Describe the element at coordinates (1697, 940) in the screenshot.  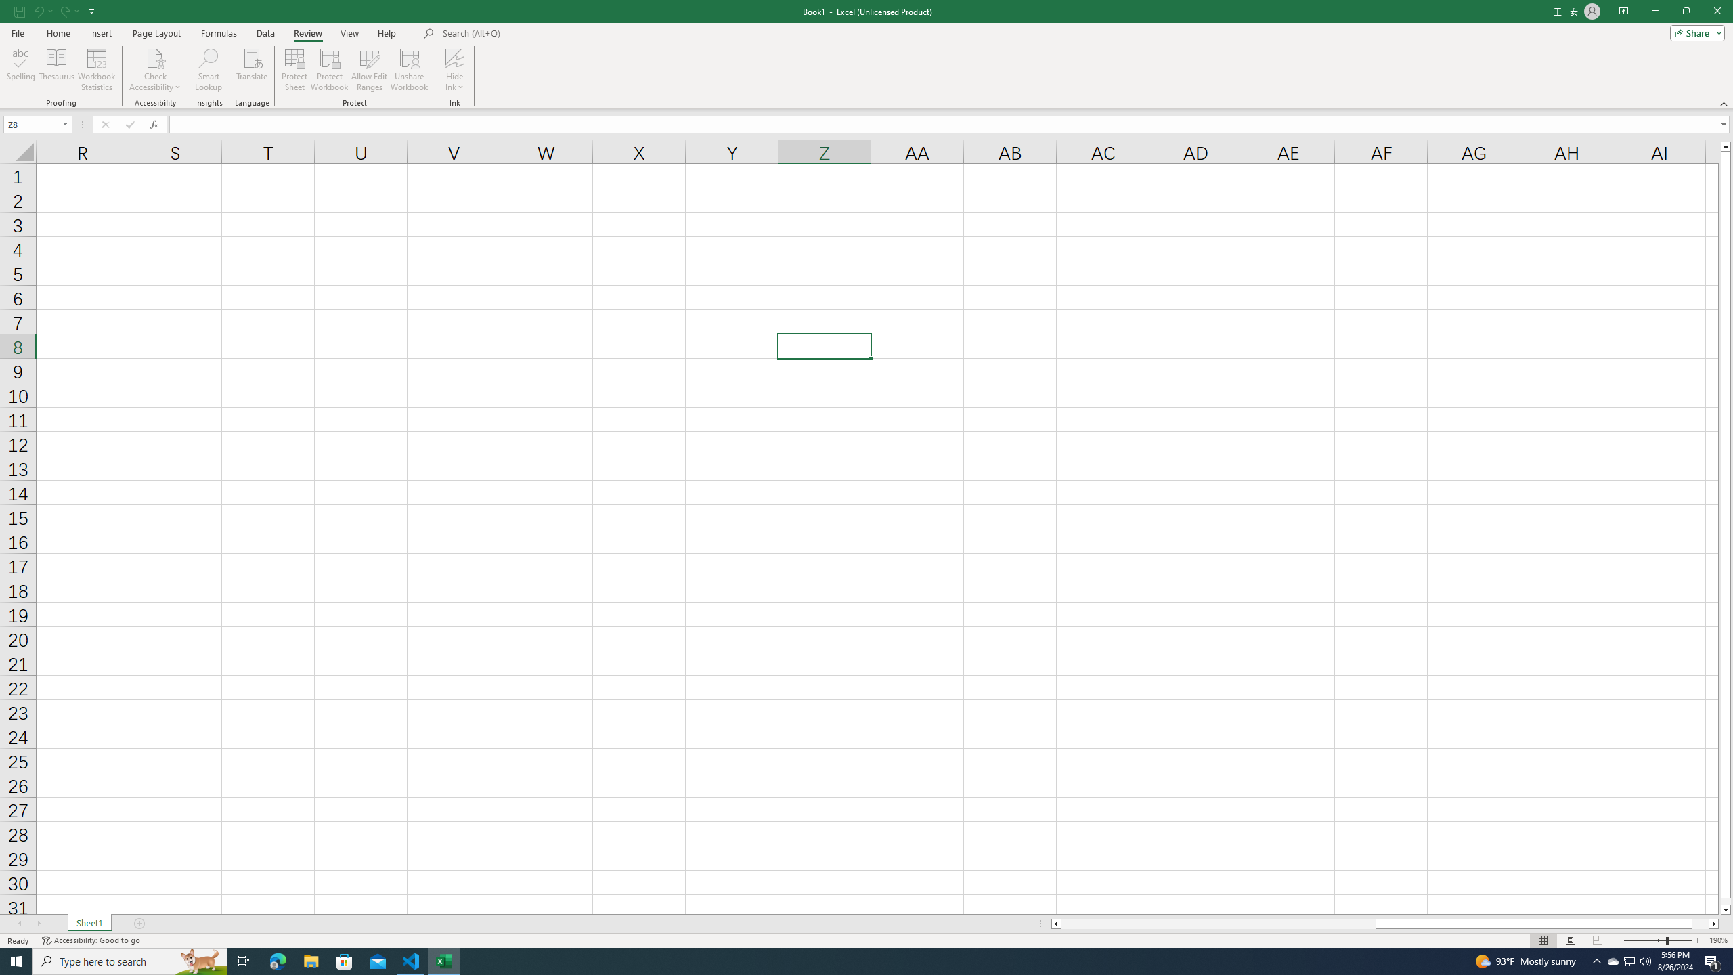
I see `'Zoom In'` at that location.